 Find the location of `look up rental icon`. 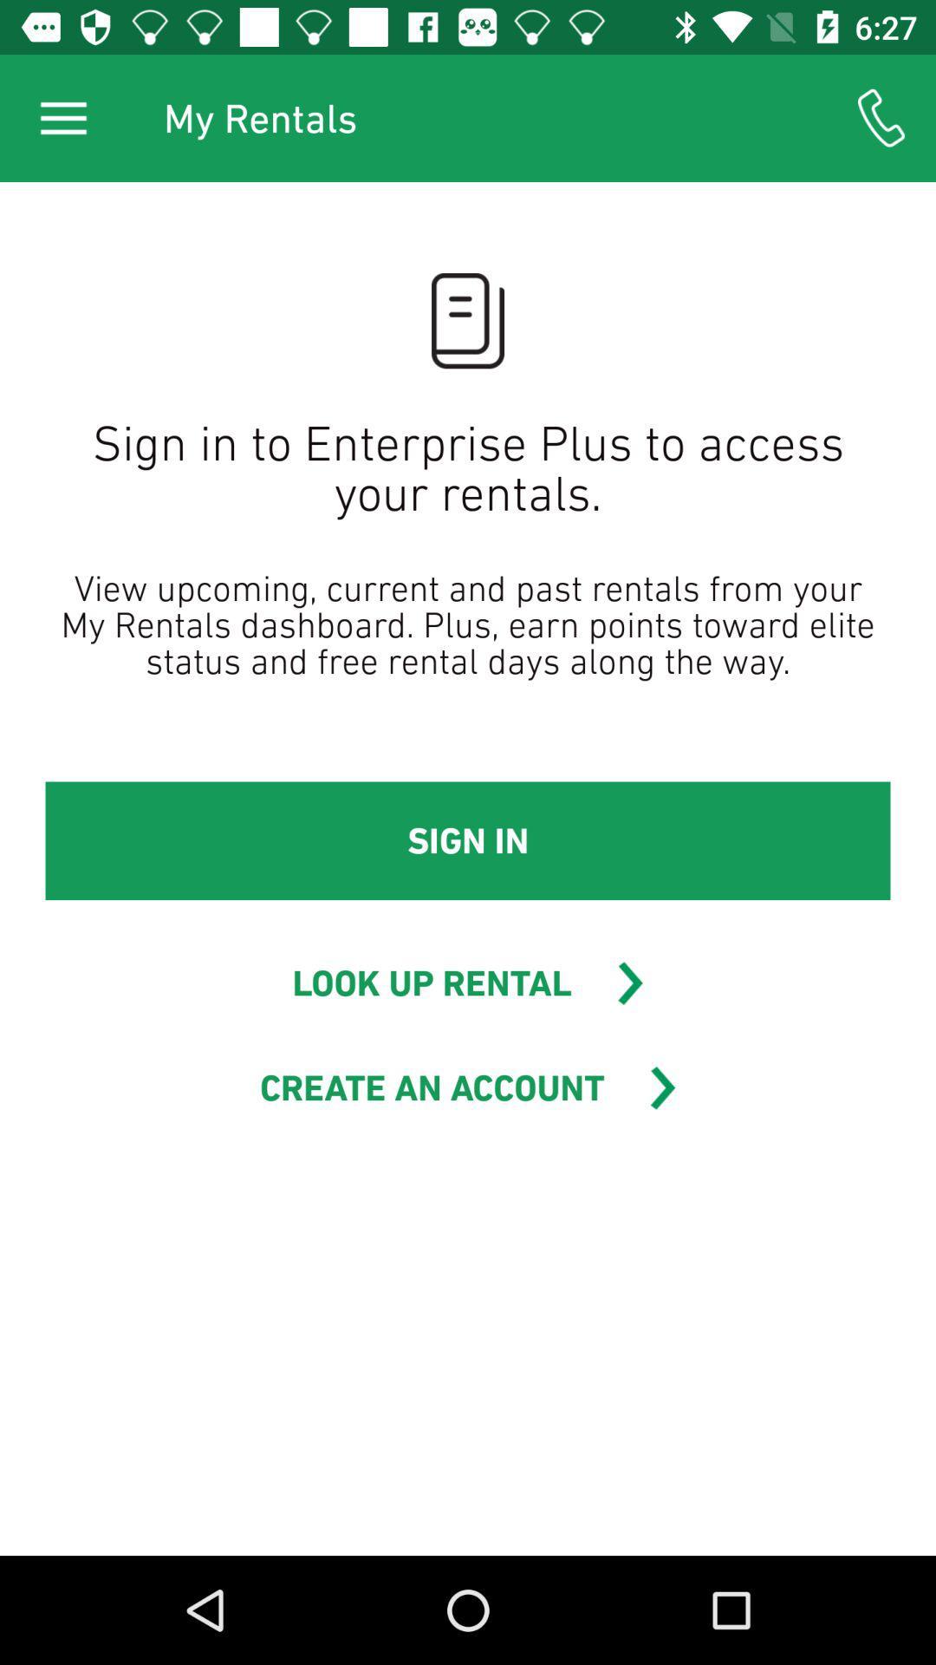

look up rental icon is located at coordinates (431, 983).